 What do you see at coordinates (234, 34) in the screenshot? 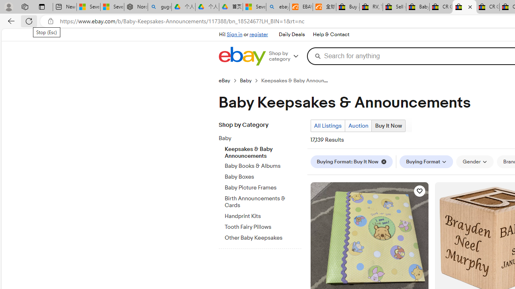
I see `'Sign in'` at bounding box center [234, 34].